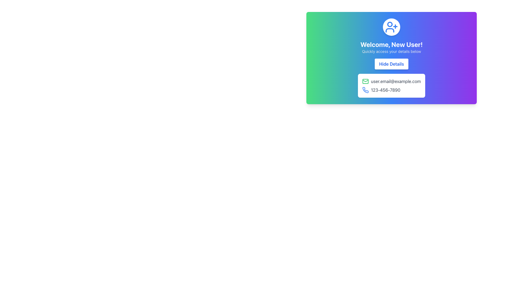 The width and height of the screenshot is (521, 293). Describe the element at coordinates (385, 90) in the screenshot. I see `the Static Text displaying '123-456-7890', which is styled in a standard sans-serif font and located to the right of a telephone icon within a user details card` at that location.